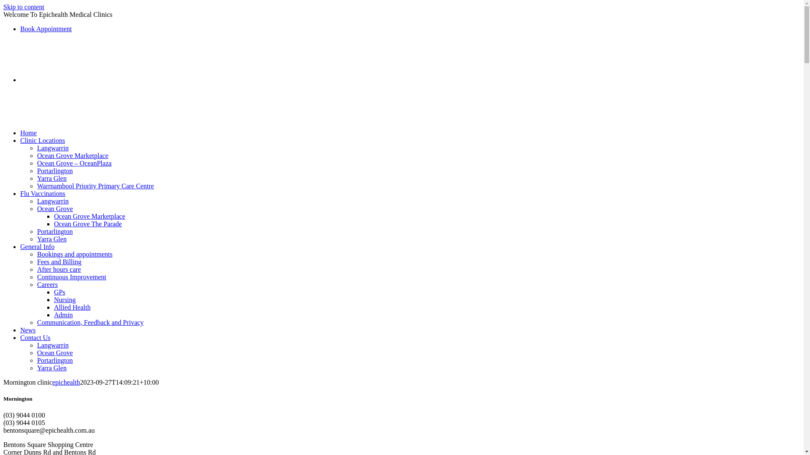 This screenshot has width=810, height=455. Describe the element at coordinates (46, 28) in the screenshot. I see `'Book Appointment'` at that location.